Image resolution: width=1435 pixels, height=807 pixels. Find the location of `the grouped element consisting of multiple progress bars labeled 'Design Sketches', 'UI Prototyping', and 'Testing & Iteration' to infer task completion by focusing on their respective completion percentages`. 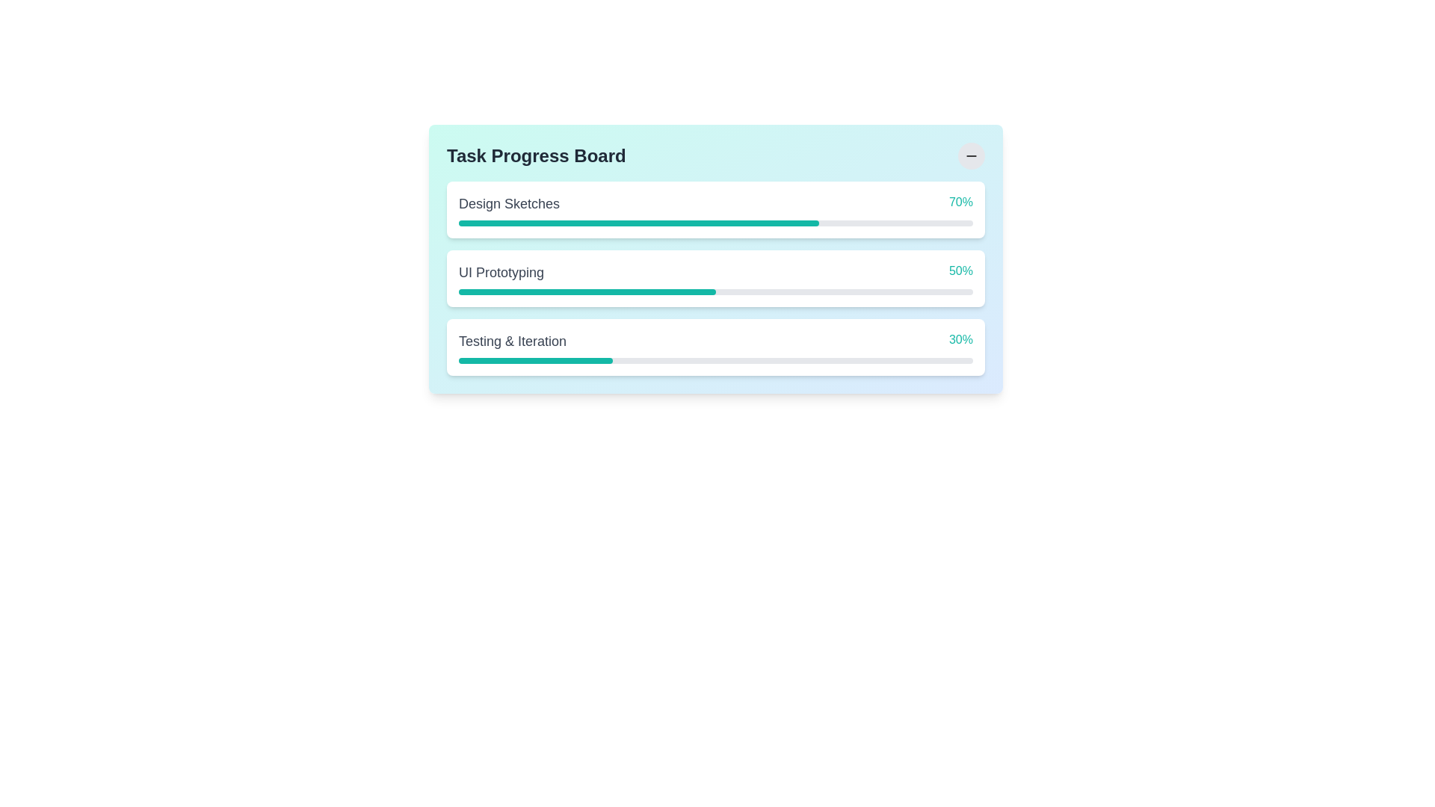

the grouped element consisting of multiple progress bars labeled 'Design Sketches', 'UI Prototyping', and 'Testing & Iteration' to infer task completion by focusing on their respective completion percentages is located at coordinates (715, 279).